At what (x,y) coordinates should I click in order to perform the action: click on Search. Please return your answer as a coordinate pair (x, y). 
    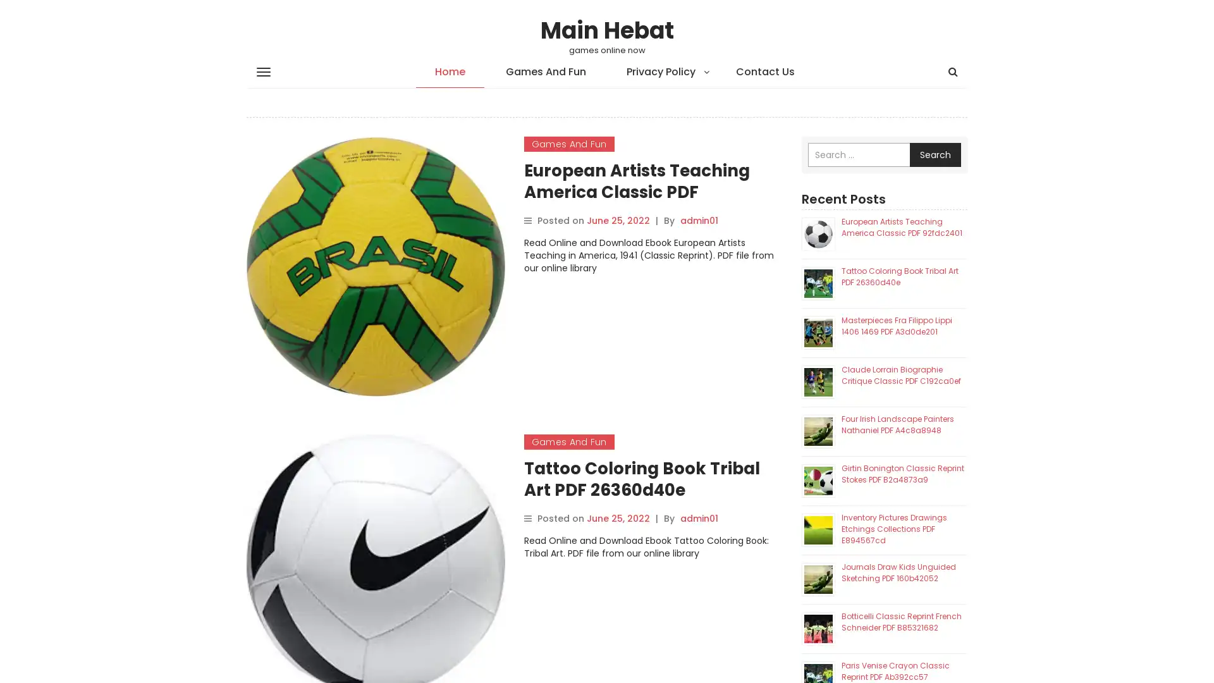
    Looking at the image, I should click on (935, 154).